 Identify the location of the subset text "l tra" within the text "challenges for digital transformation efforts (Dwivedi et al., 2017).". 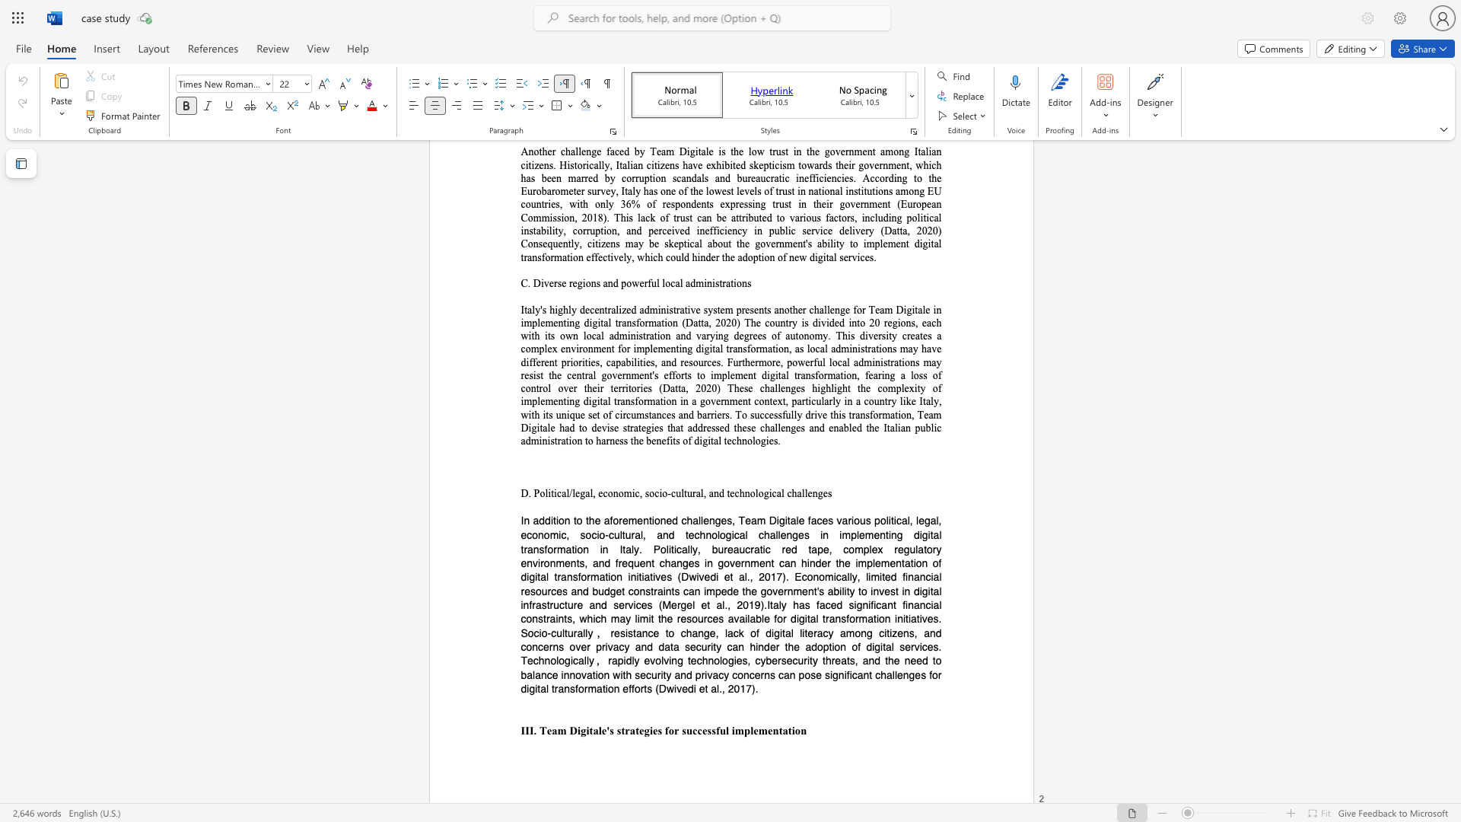
(546, 688).